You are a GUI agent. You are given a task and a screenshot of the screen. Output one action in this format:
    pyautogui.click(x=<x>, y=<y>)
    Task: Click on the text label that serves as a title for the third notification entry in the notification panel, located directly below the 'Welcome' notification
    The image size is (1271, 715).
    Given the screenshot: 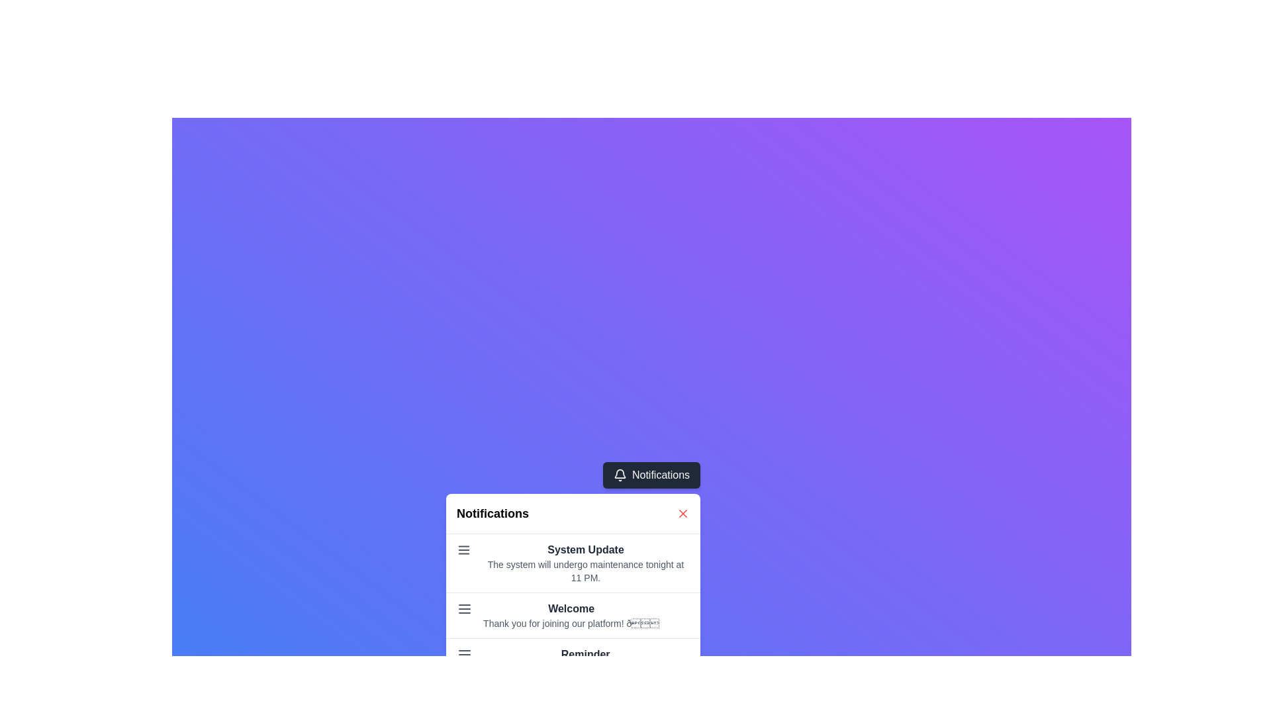 What is the action you would take?
    pyautogui.click(x=585, y=653)
    